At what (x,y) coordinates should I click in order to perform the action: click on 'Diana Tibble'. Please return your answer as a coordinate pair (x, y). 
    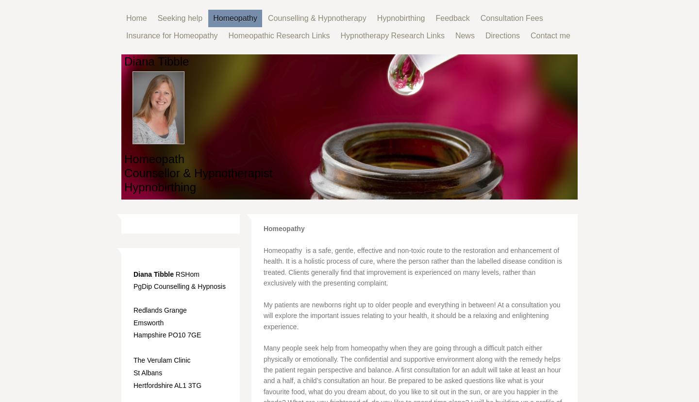
    Looking at the image, I should click on (133, 274).